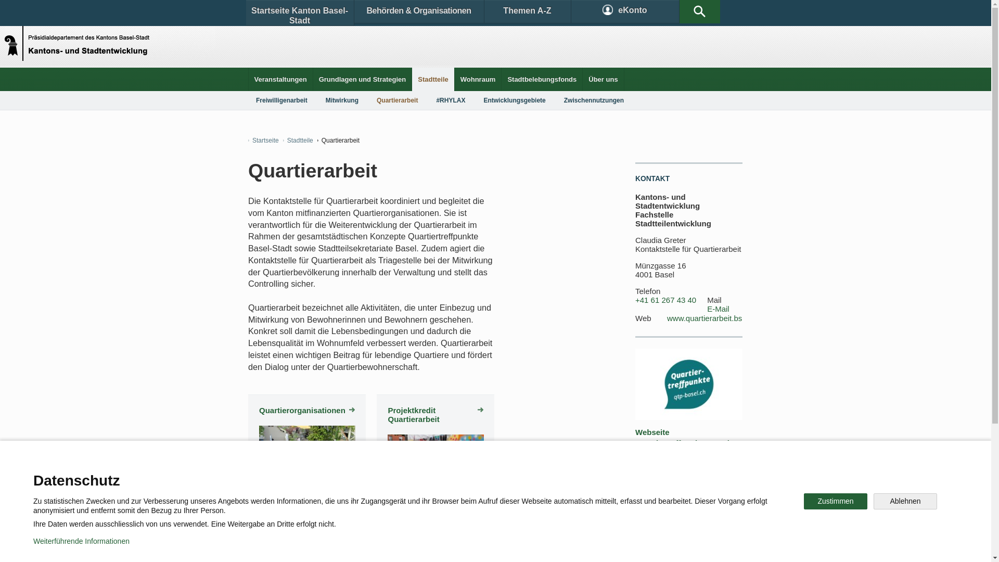 This screenshot has width=999, height=562. Describe the element at coordinates (556, 100) in the screenshot. I see `'Zwischennutzungen'` at that location.